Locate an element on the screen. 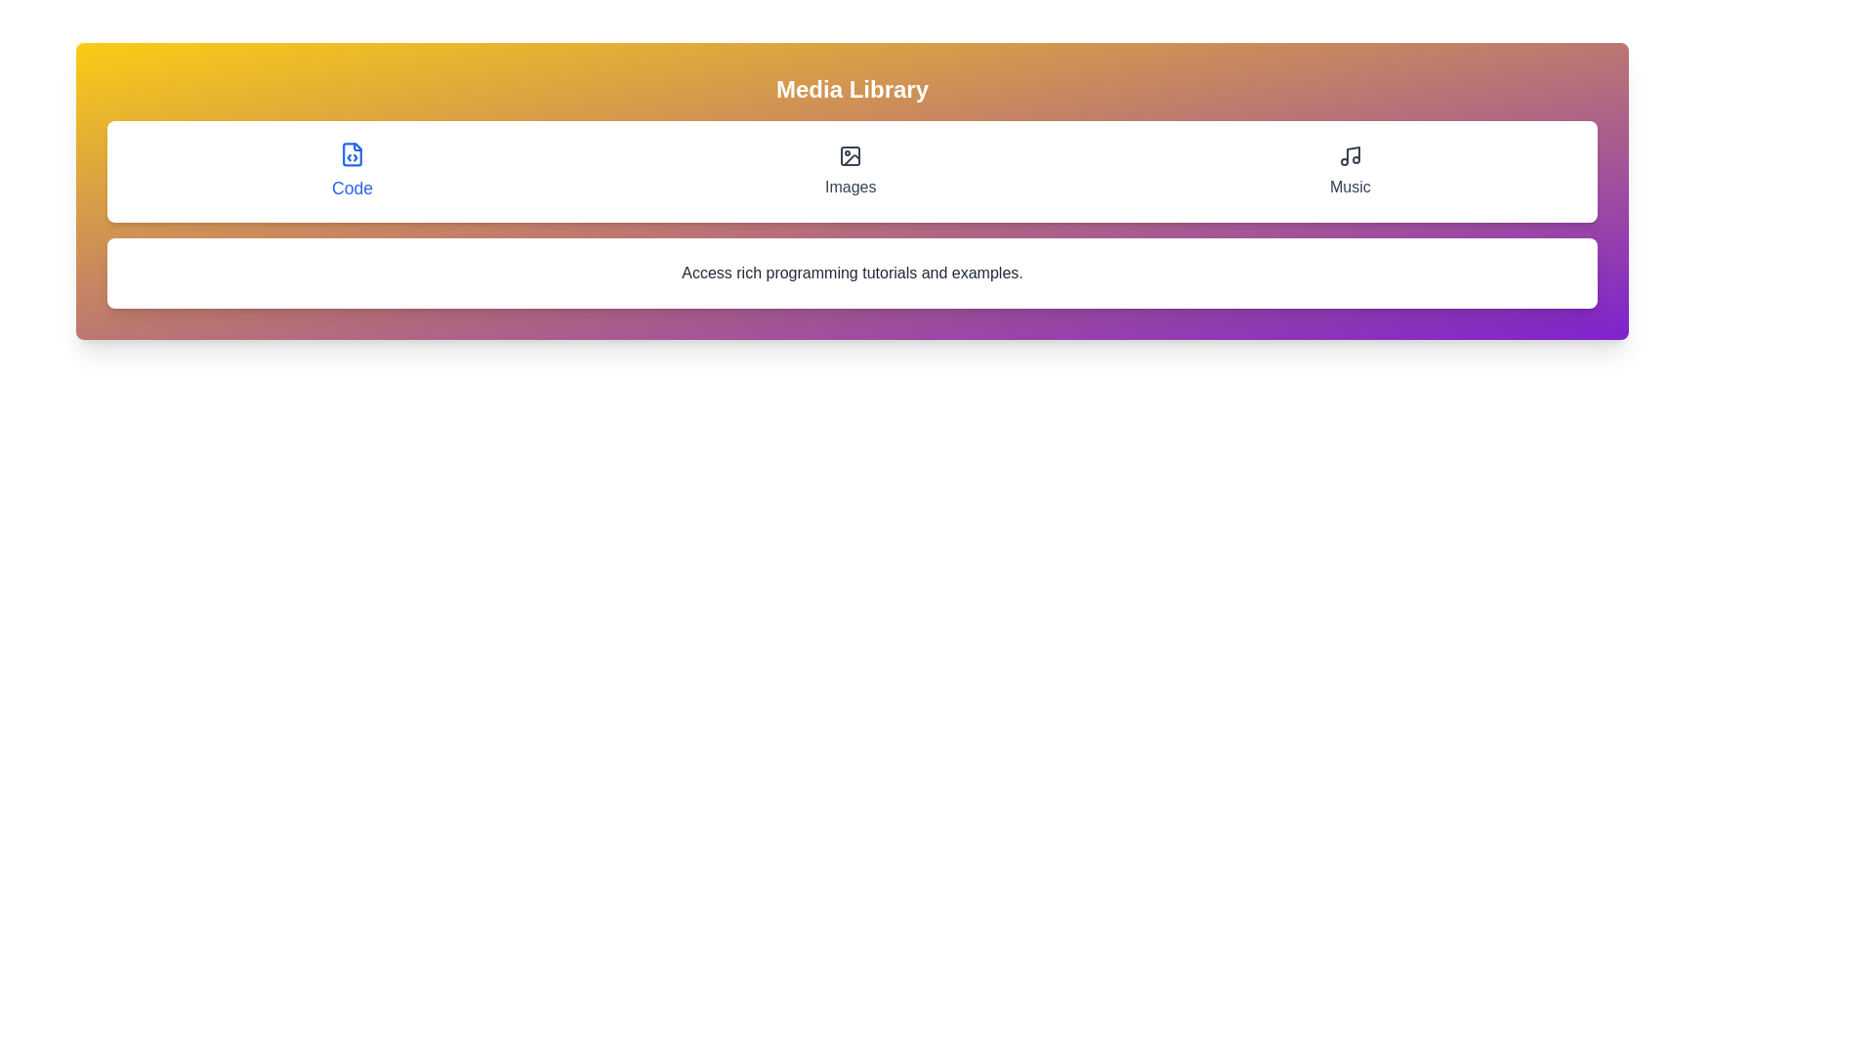 The height and width of the screenshot is (1055, 1875). the tab labeled Images to display its content is located at coordinates (850, 171).